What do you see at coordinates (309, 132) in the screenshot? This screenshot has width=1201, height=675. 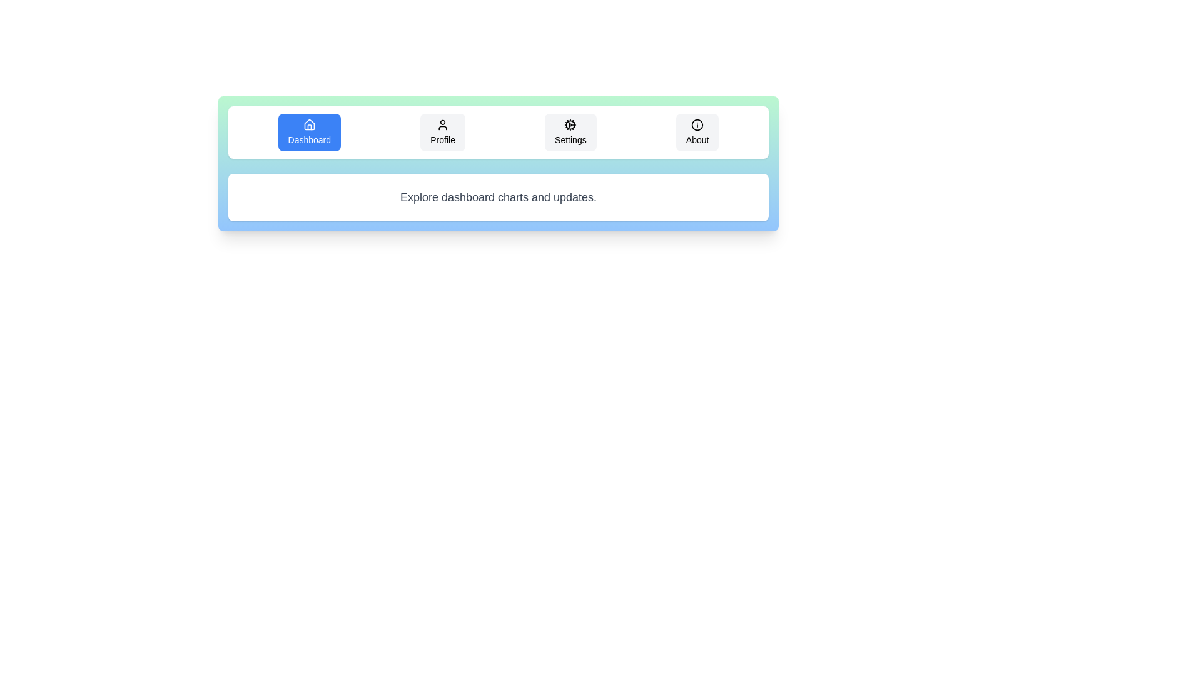 I see `the tab labeled Dashboard to observe the hover effect` at bounding box center [309, 132].